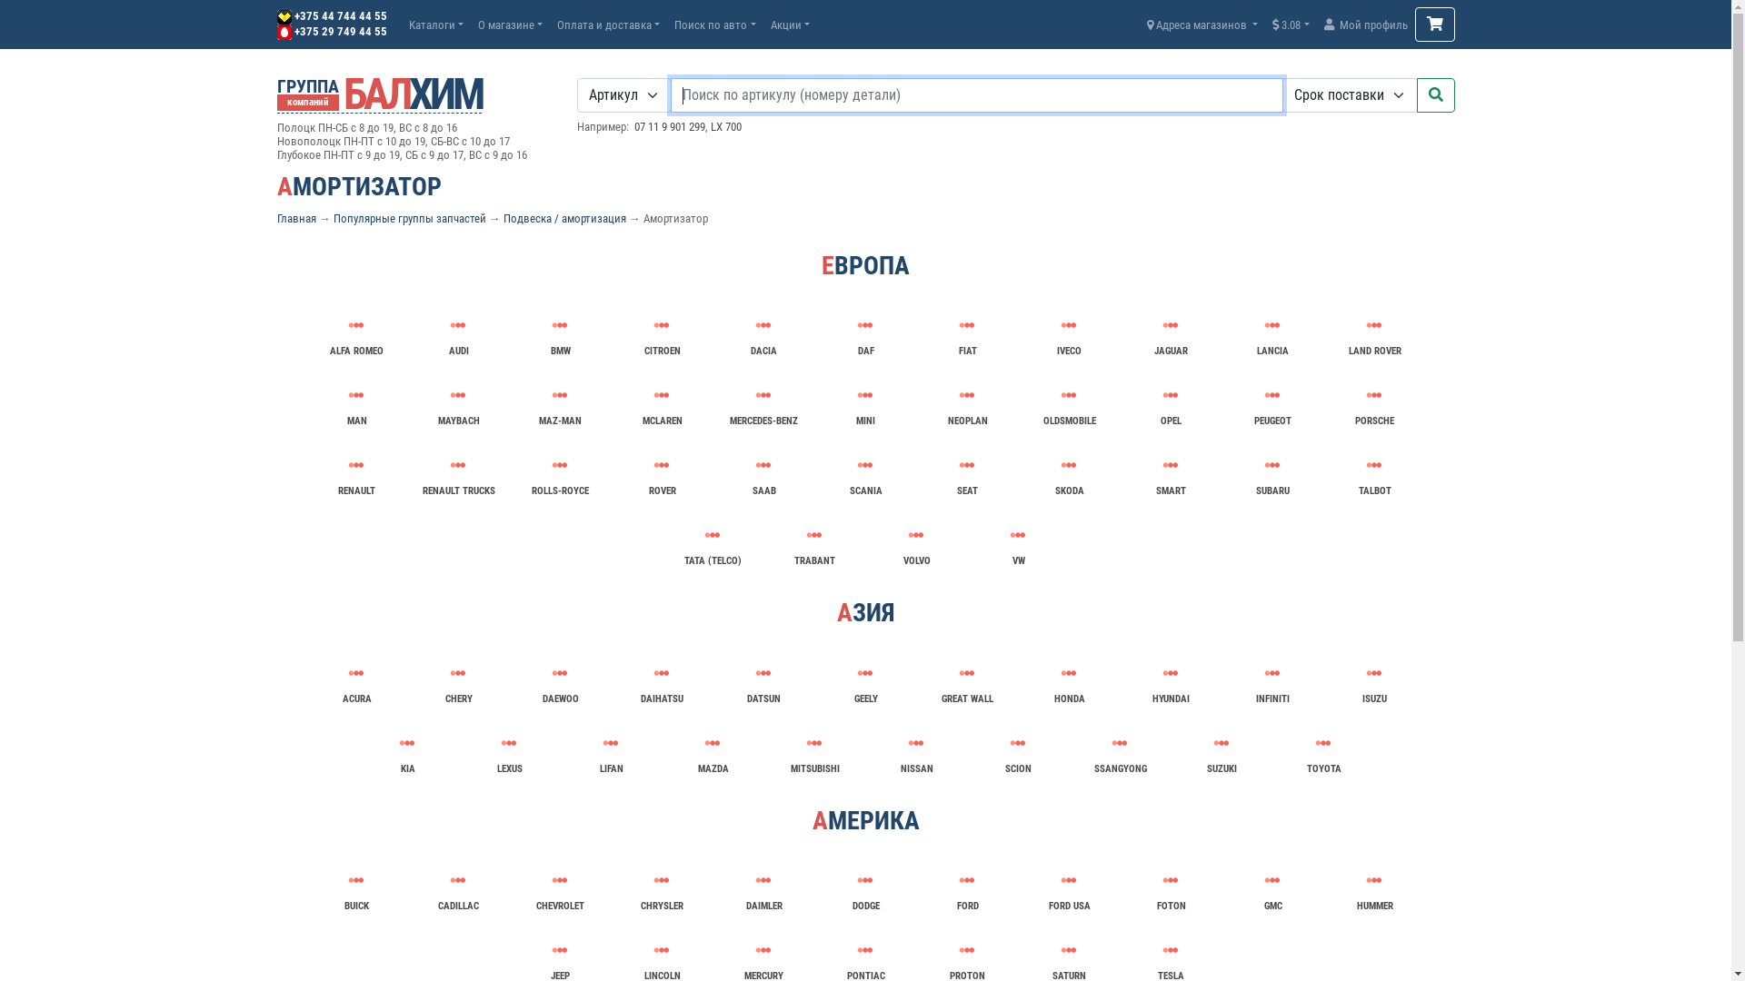 This screenshot has width=1745, height=981. I want to click on 'KIA', so click(406, 749).